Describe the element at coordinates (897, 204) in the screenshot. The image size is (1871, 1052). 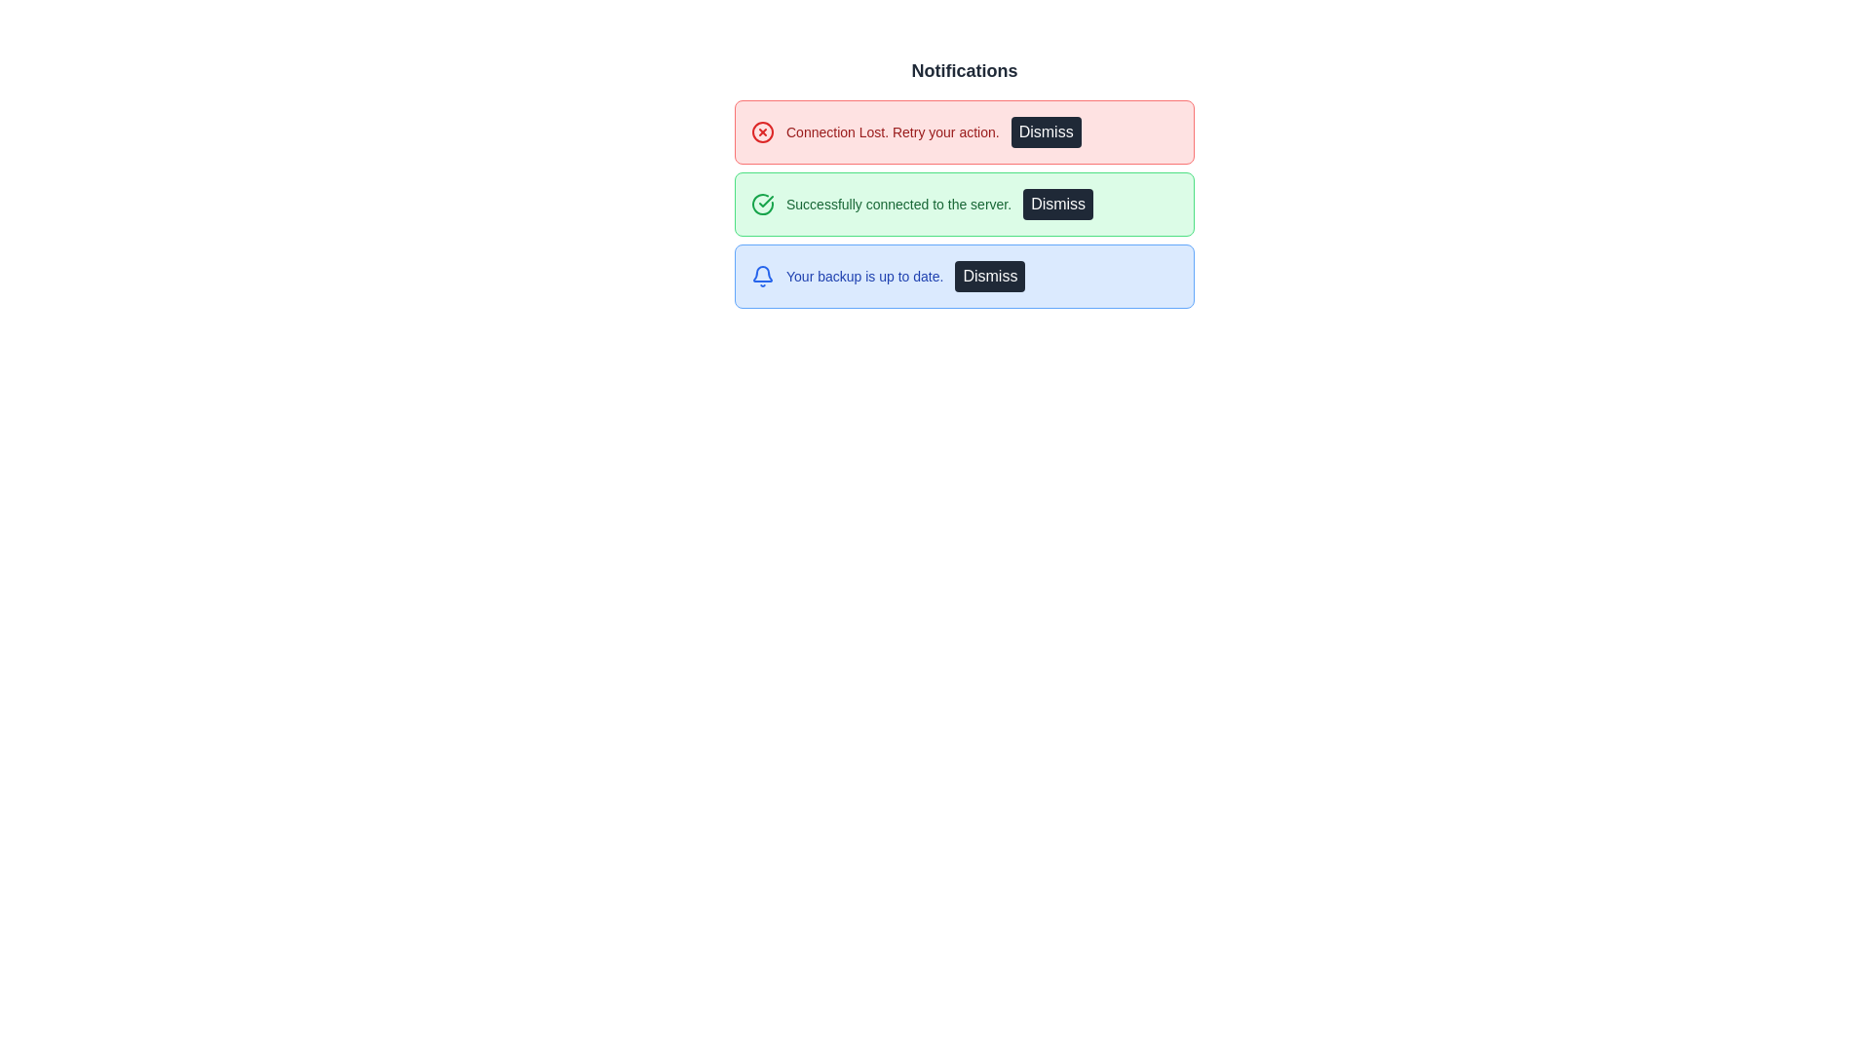
I see `text from the green text label that reads 'Successfully connected to the server.' positioned in the center-left area of the green notification banner` at that location.